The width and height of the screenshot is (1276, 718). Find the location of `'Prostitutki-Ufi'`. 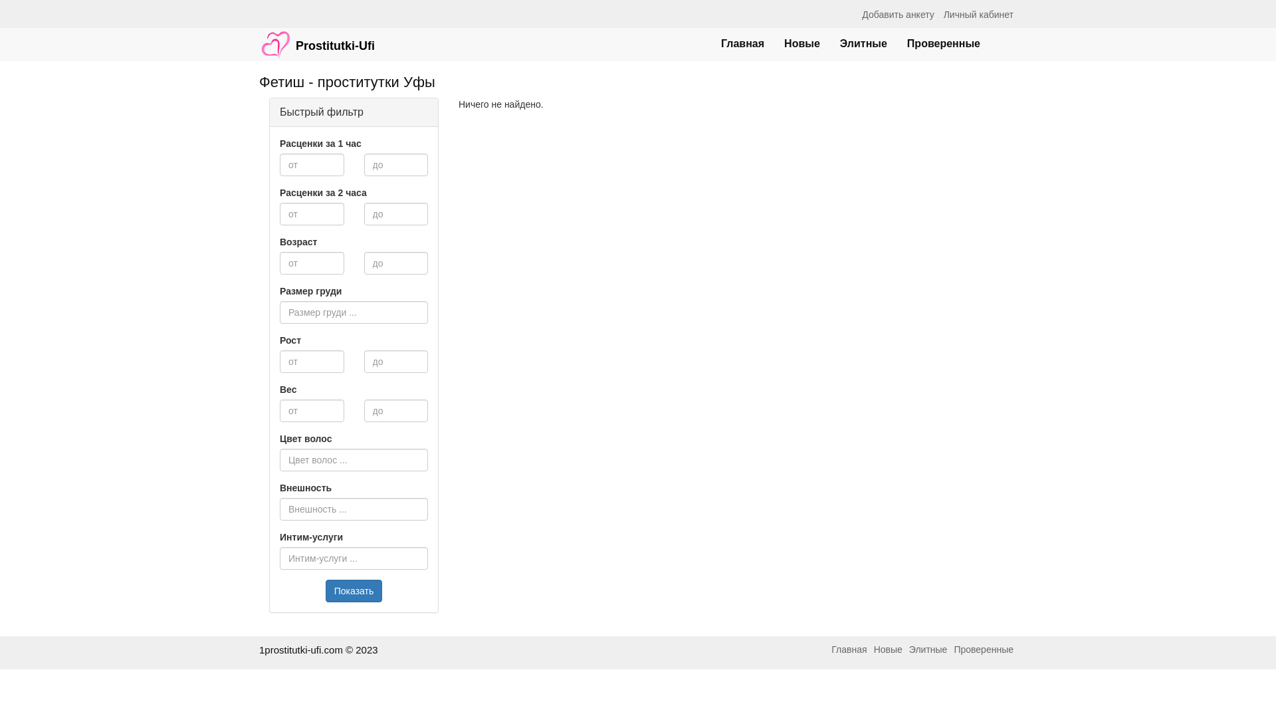

'Prostitutki-Ufi' is located at coordinates (316, 37).